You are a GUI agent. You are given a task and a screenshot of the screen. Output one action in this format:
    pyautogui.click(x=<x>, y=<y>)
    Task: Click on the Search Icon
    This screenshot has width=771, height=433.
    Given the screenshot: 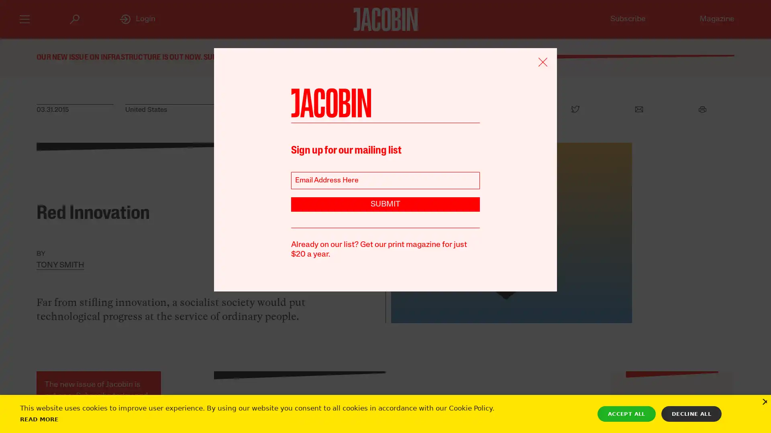 What is the action you would take?
    pyautogui.click(x=74, y=18)
    